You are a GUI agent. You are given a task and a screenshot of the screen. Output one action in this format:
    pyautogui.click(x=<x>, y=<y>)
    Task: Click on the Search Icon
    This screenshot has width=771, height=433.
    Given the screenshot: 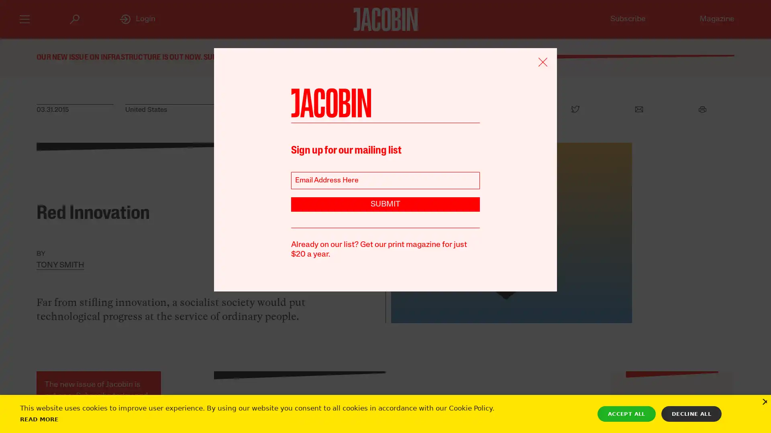 What is the action you would take?
    pyautogui.click(x=74, y=18)
    